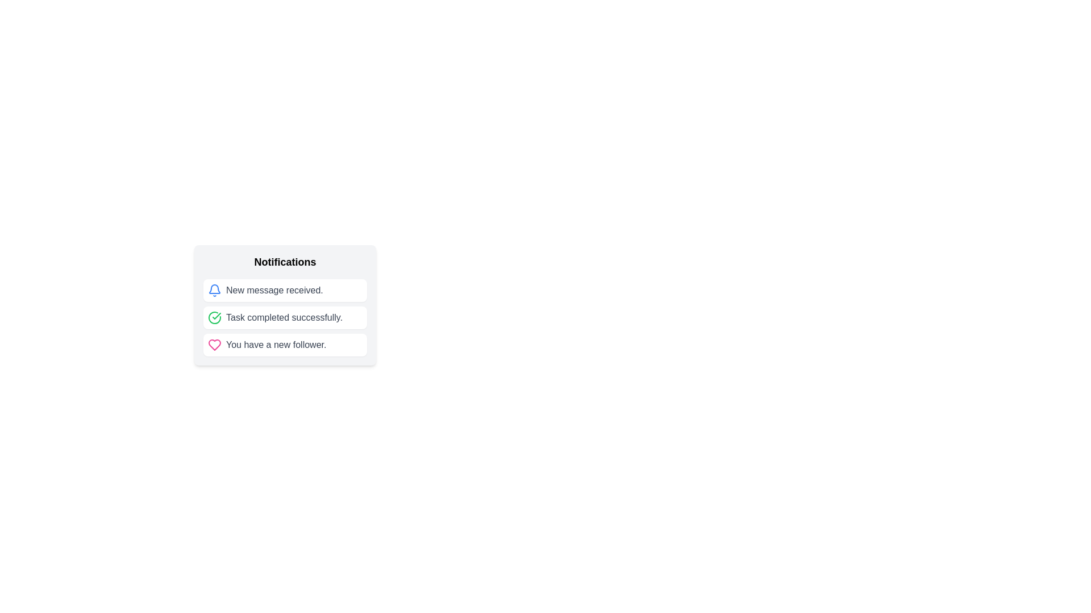  I want to click on the green checkmark icon indicating success, located in the second notification entry next to the text 'Task completed successfully', so click(215, 317).